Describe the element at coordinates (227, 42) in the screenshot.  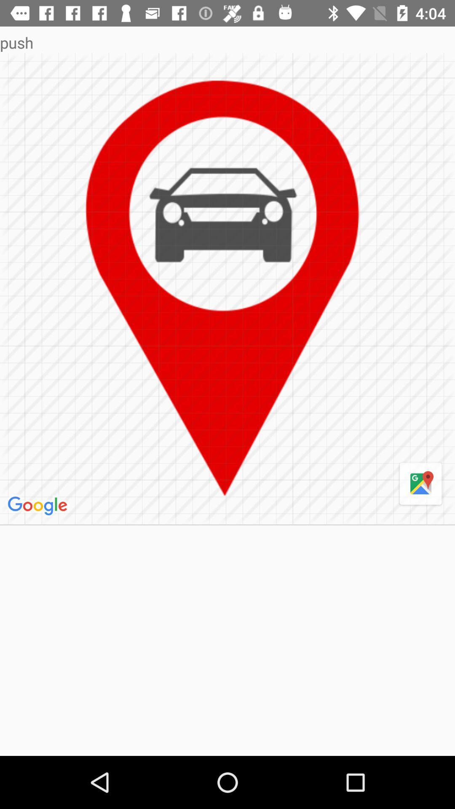
I see `the push` at that location.